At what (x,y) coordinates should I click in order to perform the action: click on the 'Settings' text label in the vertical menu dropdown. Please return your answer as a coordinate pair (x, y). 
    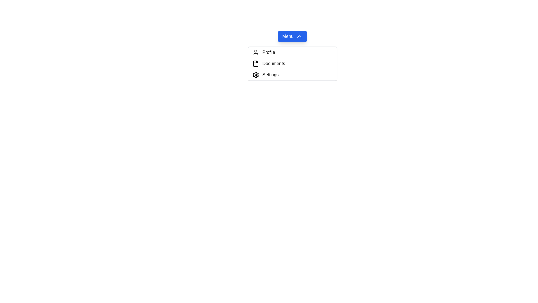
    Looking at the image, I should click on (270, 74).